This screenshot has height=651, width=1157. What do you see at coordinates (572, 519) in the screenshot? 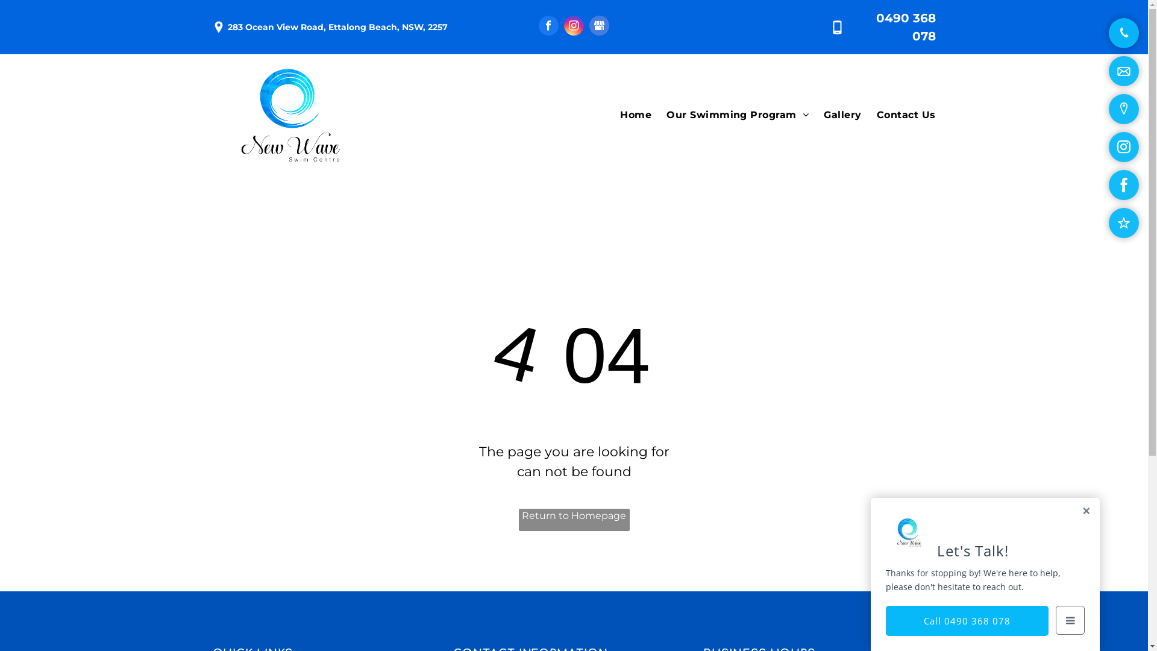
I see `'Return to Homepage'` at bounding box center [572, 519].